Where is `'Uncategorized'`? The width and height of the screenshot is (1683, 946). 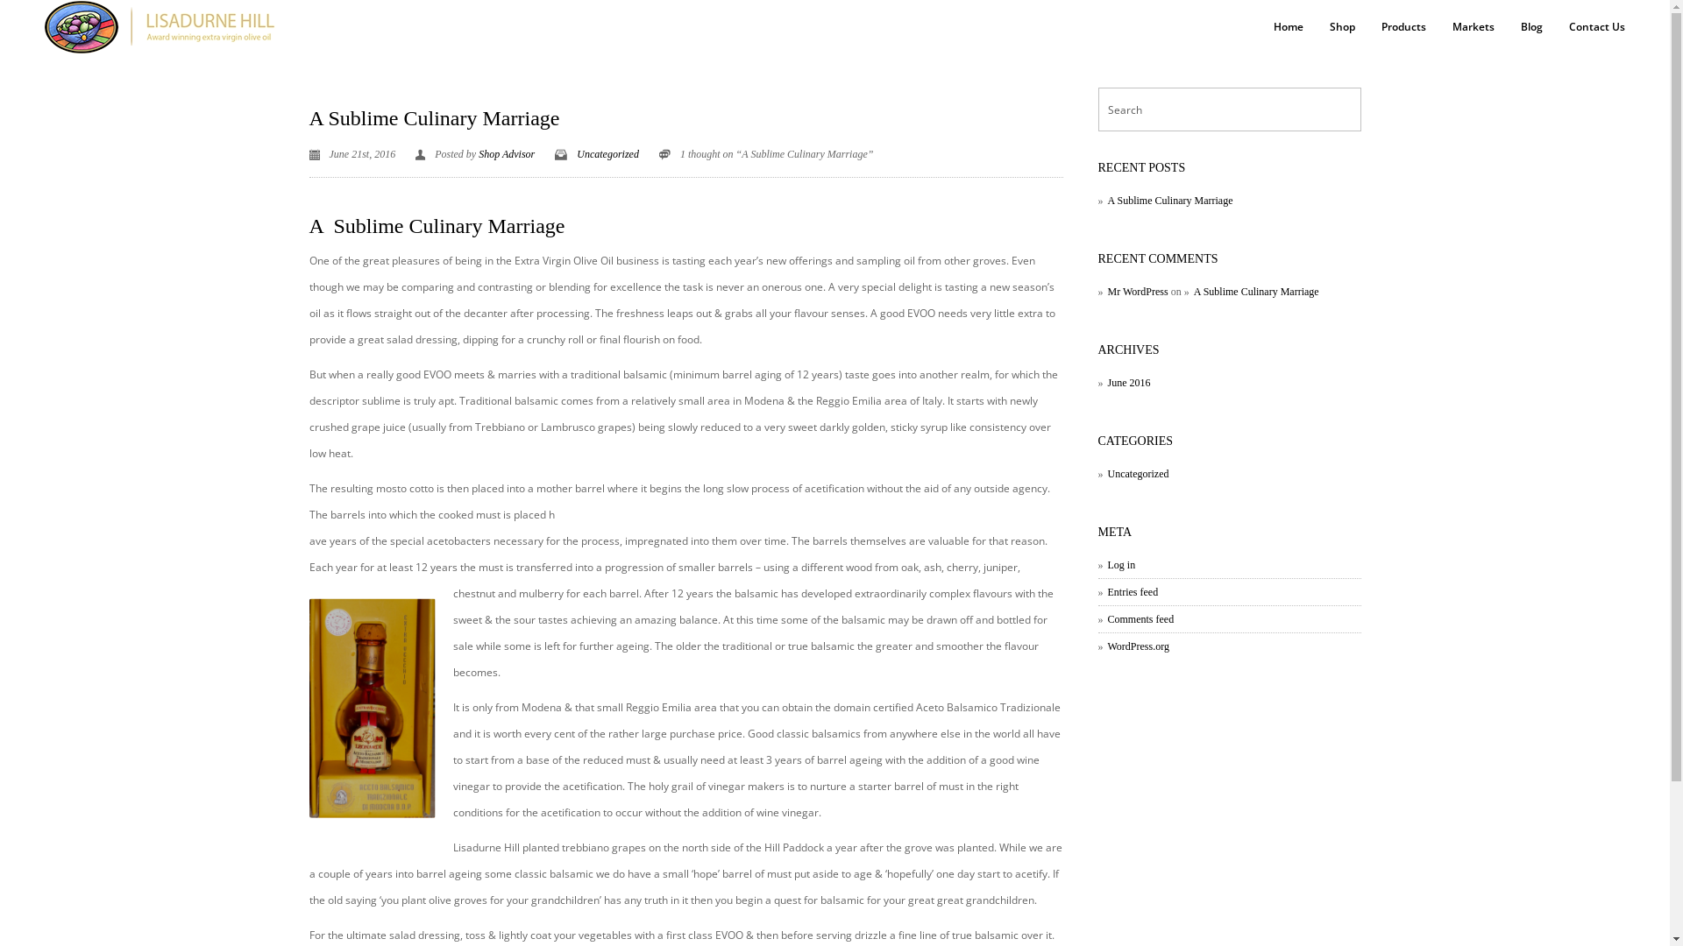 'Uncategorized' is located at coordinates (1133, 473).